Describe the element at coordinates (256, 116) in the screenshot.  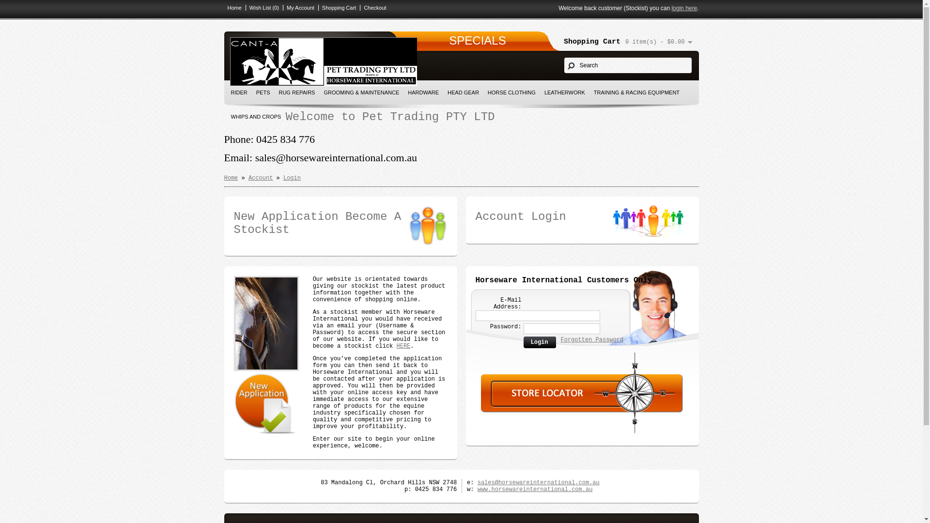
I see `'WHIPS AND CROPS'` at that location.